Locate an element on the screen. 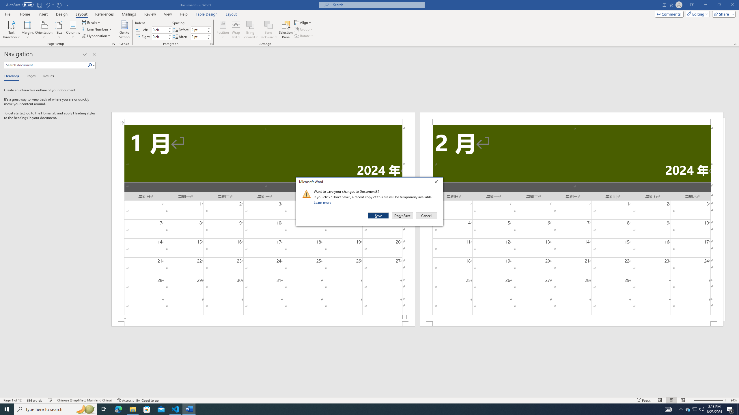 Image resolution: width=739 pixels, height=415 pixels. 'Spacing Before' is located at coordinates (199, 29).